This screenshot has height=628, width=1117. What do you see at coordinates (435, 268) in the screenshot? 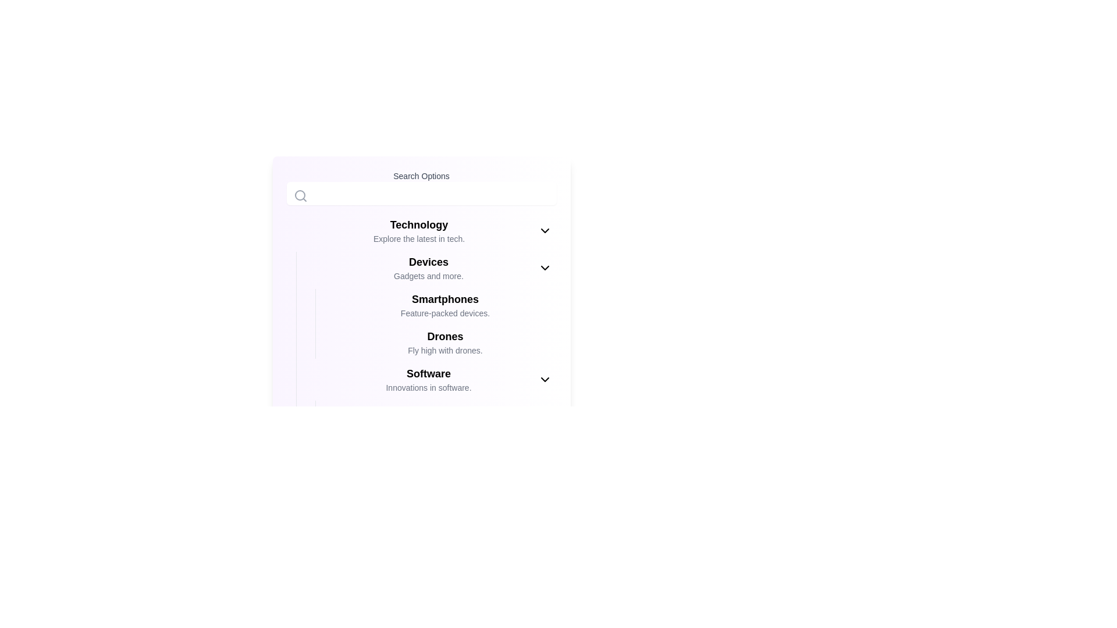
I see `the clickable navigation menu item for 'Devices', which is located directly below the 'Technology' section in the navigation interface` at bounding box center [435, 268].